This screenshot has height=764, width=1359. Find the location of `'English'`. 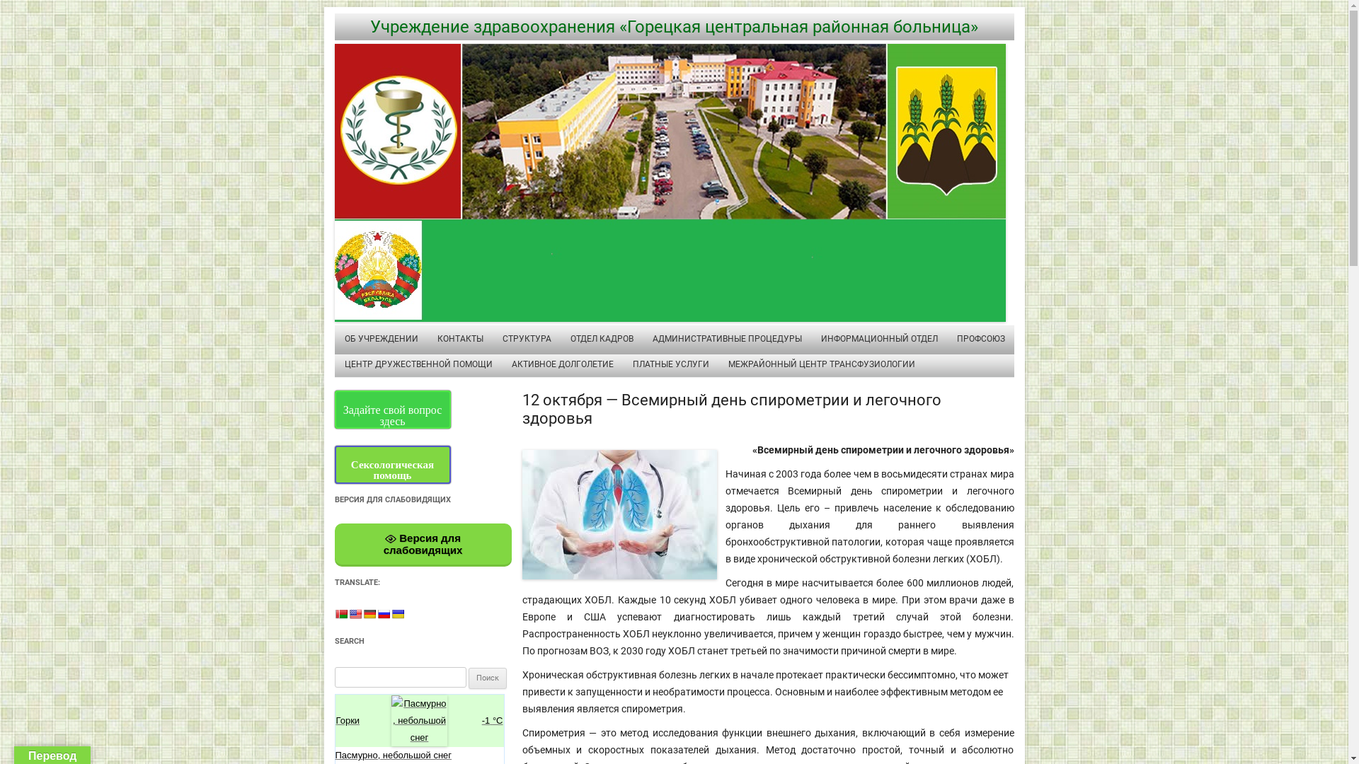

'English' is located at coordinates (354, 613).